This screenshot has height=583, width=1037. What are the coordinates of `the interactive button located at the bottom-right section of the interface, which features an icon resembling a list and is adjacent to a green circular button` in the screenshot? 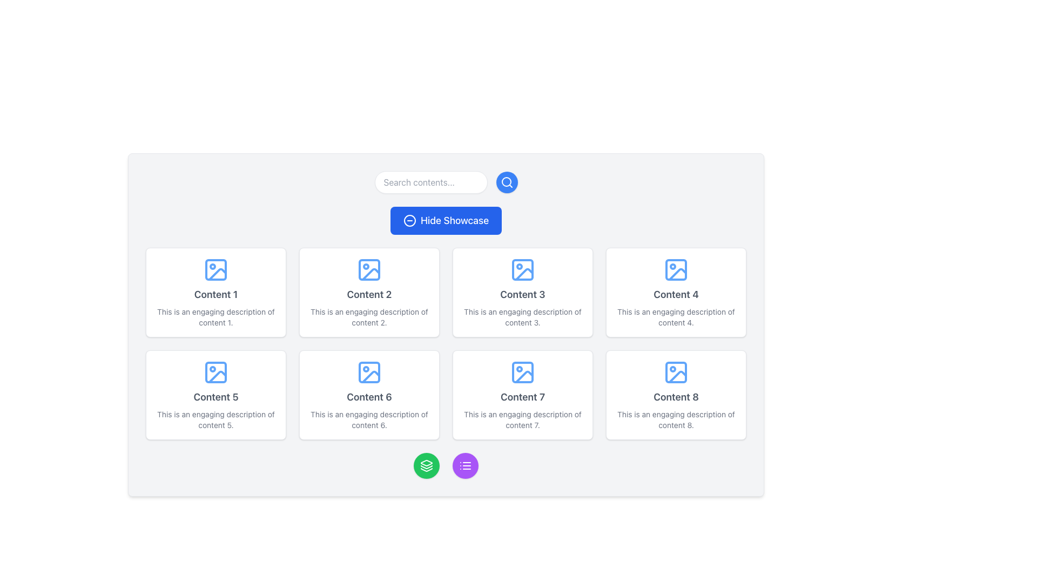 It's located at (466, 465).